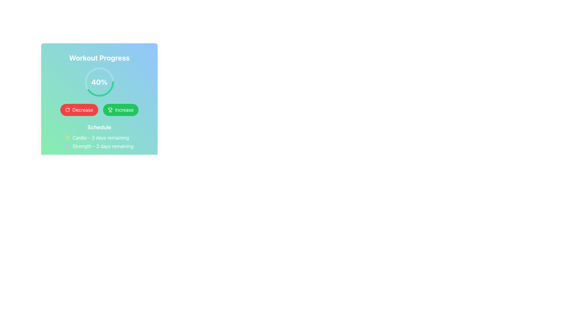 This screenshot has height=327, width=582. I want to click on the text label displaying 'Cardio - 3 days remaining' with a yellow calendar icon, which is the first item in the 'Schedule' group, so click(99, 138).